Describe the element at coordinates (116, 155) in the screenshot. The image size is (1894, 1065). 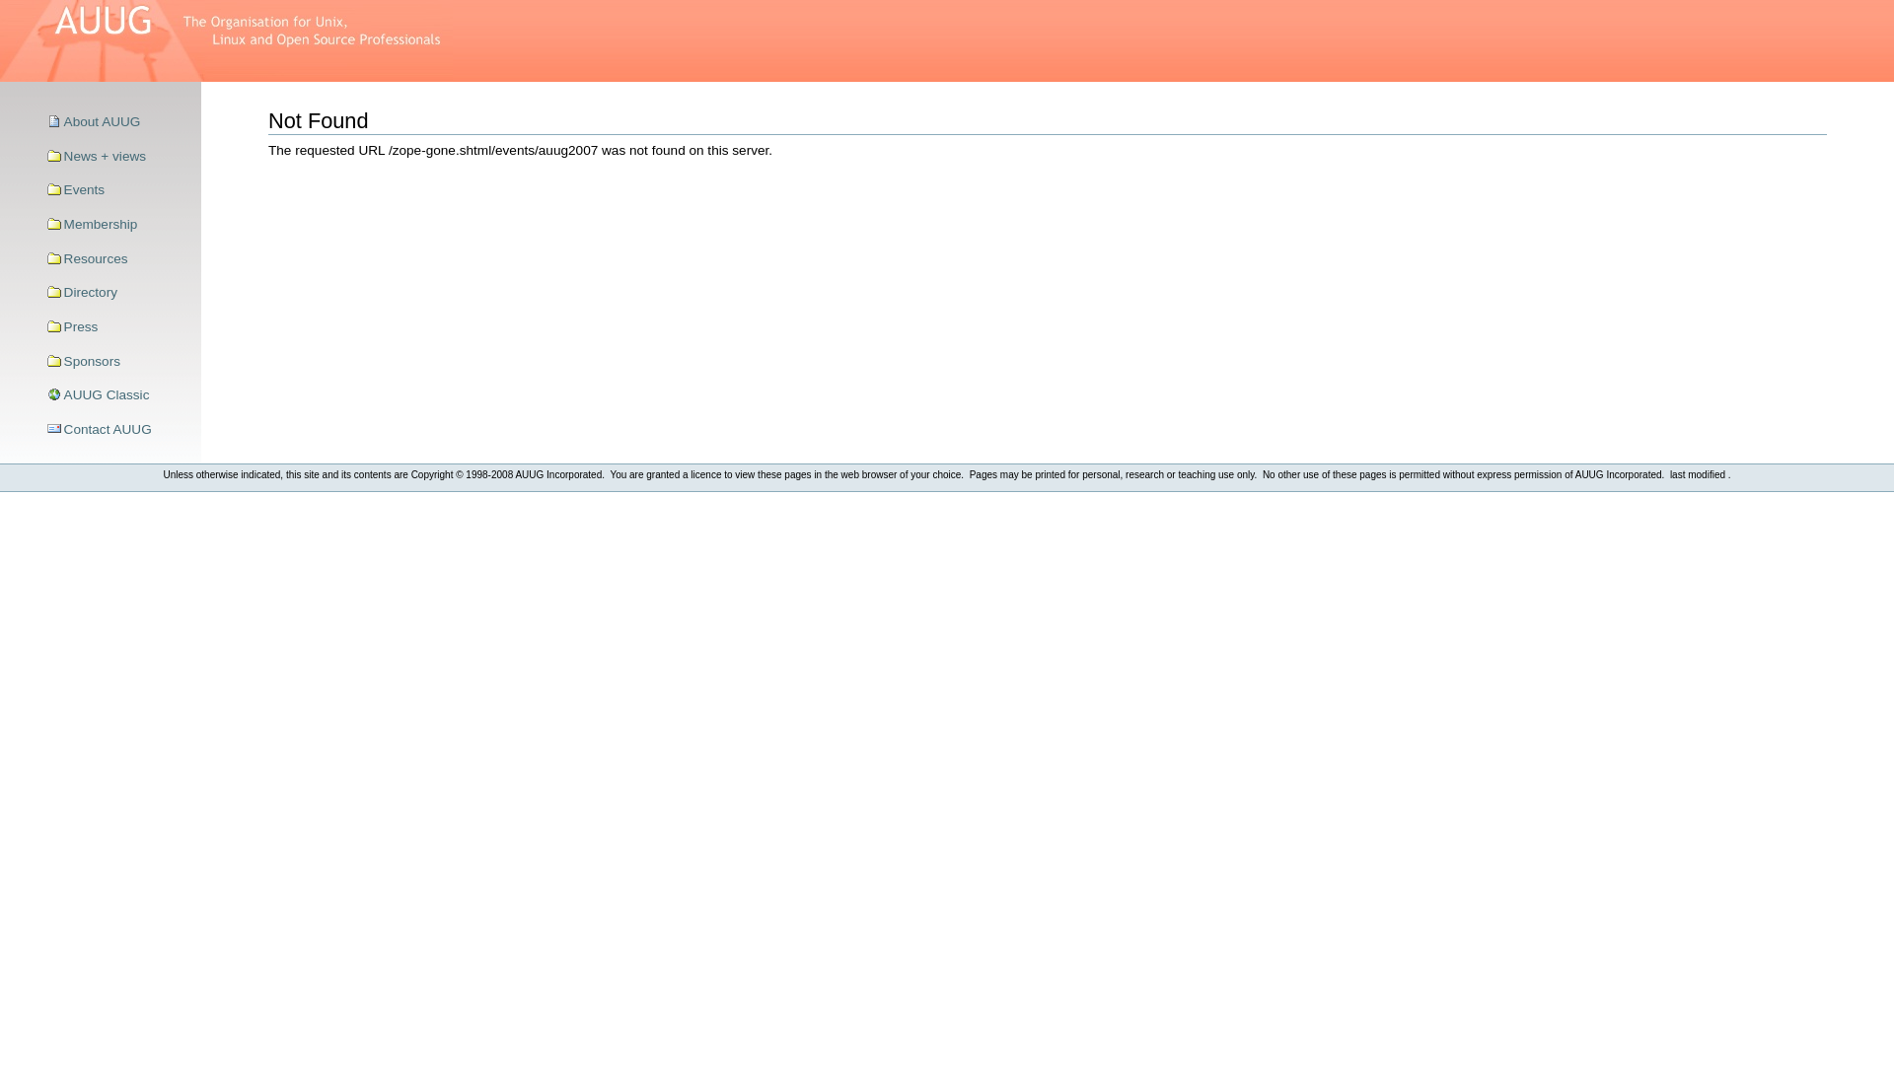
I see `'News + views'` at that location.